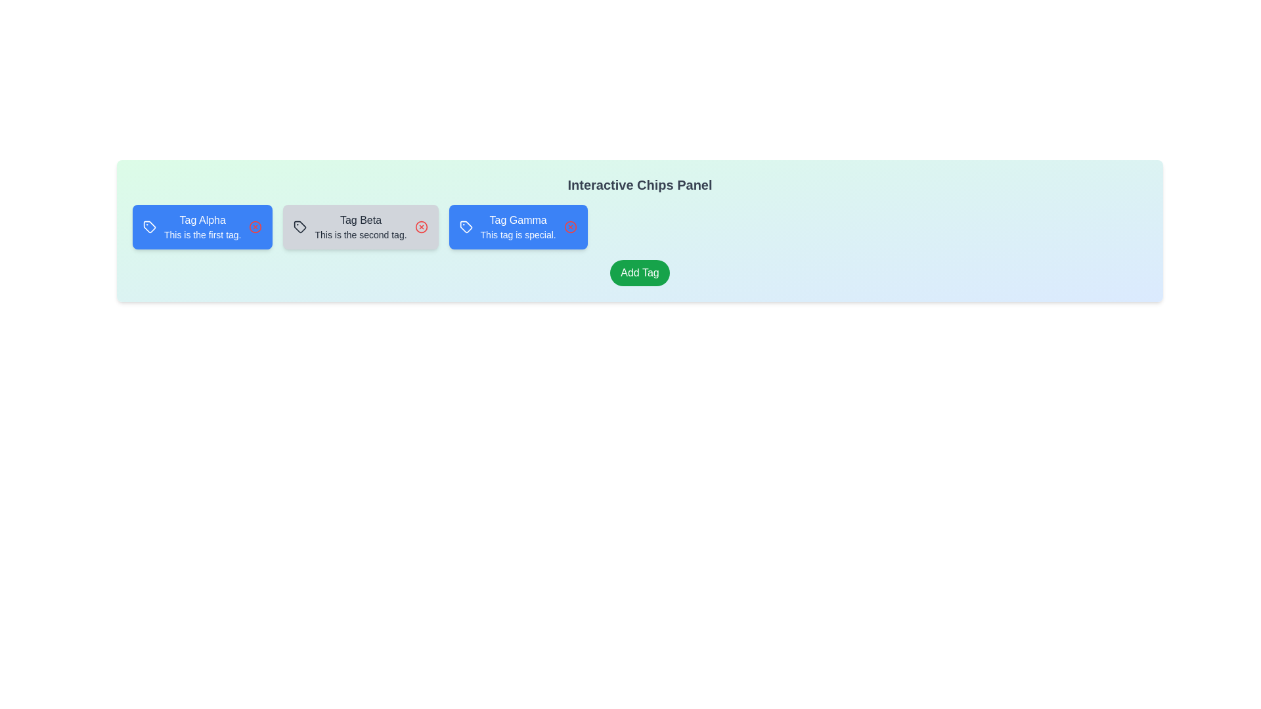  What do you see at coordinates (640, 272) in the screenshot?
I see `the 'Add Tag' button to add a new chip` at bounding box center [640, 272].